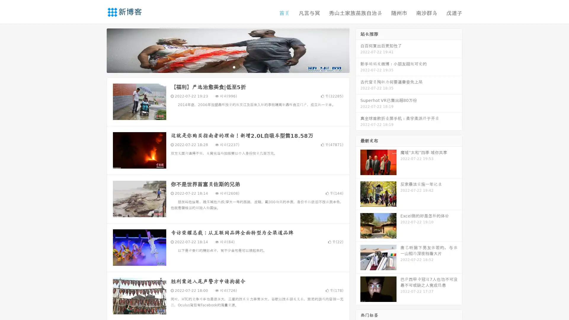 The width and height of the screenshot is (569, 320). Describe the element at coordinates (228, 67) in the screenshot. I see `Go to slide 2` at that location.